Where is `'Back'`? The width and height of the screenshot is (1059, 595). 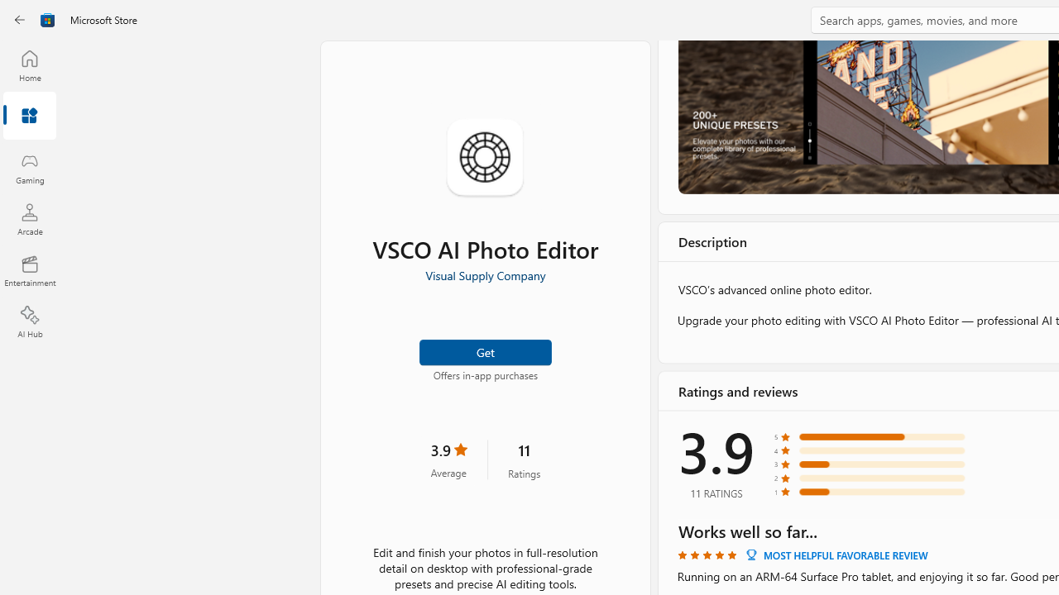 'Back' is located at coordinates (20, 20).